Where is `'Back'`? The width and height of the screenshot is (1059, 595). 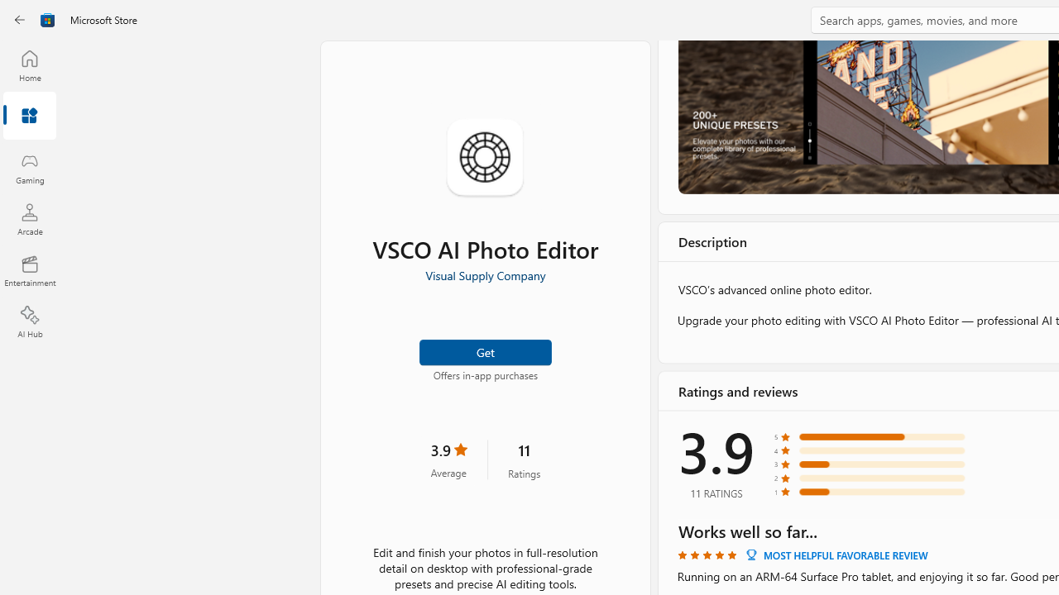 'Back' is located at coordinates (20, 20).